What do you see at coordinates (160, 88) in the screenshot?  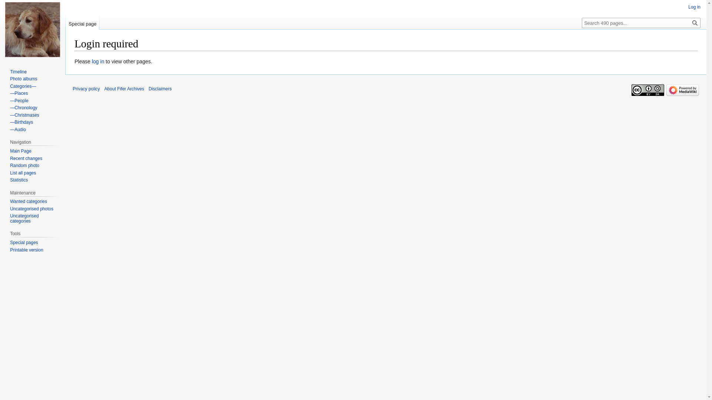 I see `'Disclaimers'` at bounding box center [160, 88].